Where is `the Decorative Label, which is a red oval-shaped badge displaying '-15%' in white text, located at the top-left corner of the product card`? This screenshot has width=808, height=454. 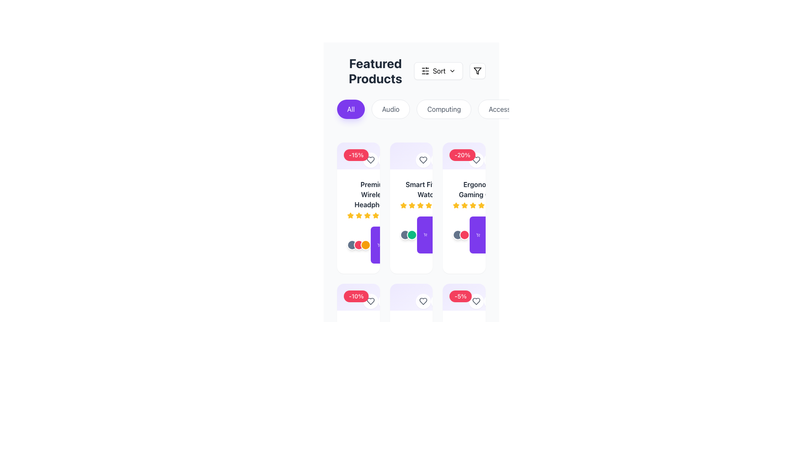
the Decorative Label, which is a red oval-shaped badge displaying '-15%' in white text, located at the top-left corner of the product card is located at coordinates (358, 158).